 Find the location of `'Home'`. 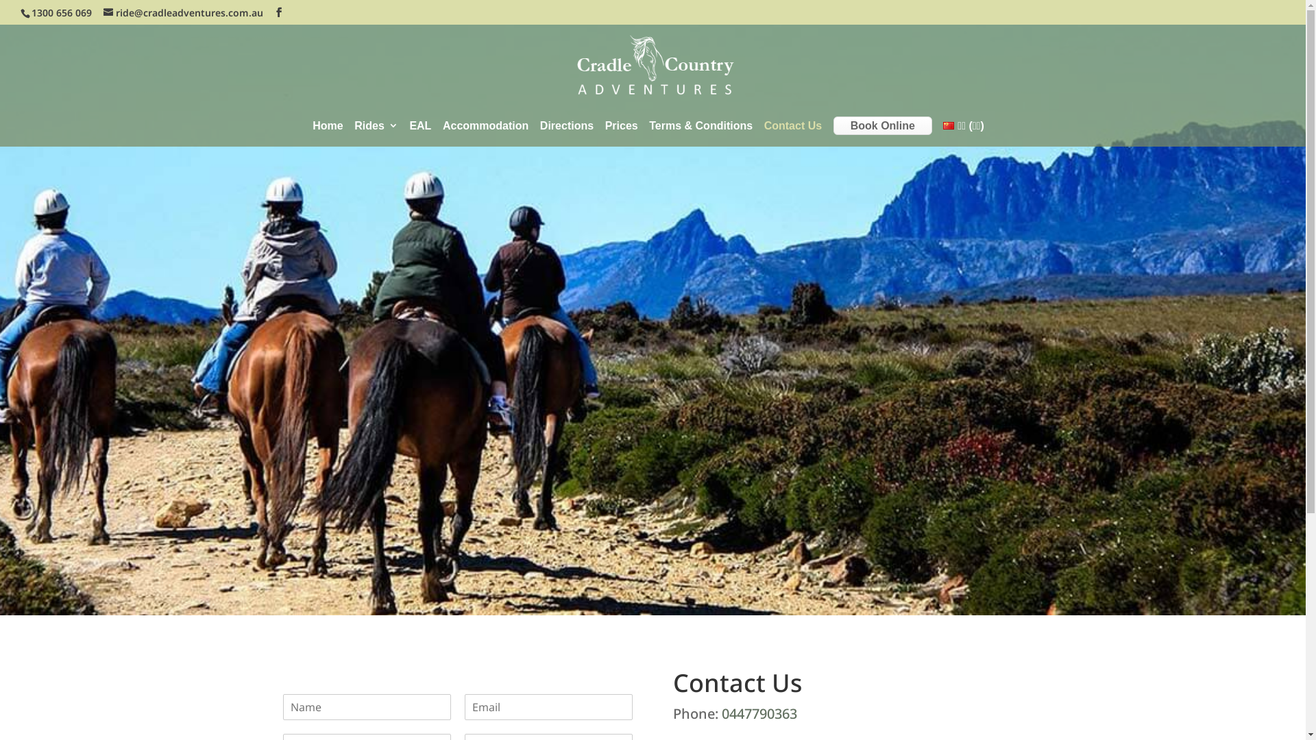

'Home' is located at coordinates (312, 134).